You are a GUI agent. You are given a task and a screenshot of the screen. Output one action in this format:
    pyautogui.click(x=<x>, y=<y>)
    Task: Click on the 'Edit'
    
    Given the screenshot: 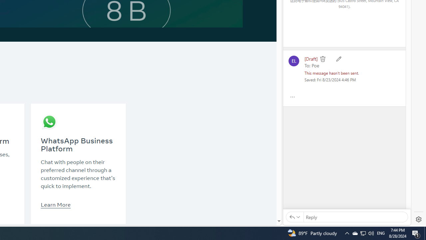 What is the action you would take?
    pyautogui.click(x=339, y=58)
    